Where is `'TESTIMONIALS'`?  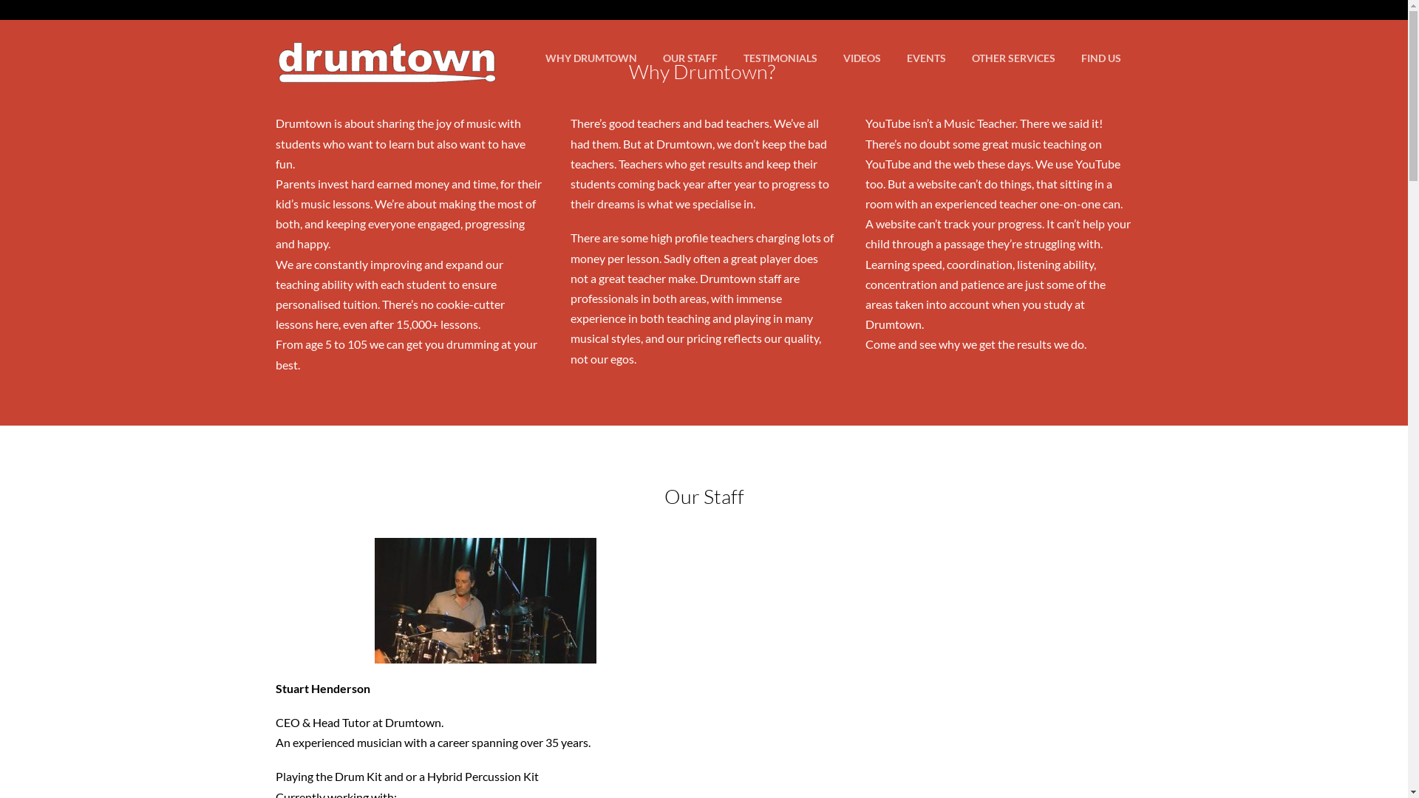
'TESTIMONIALS' is located at coordinates (780, 58).